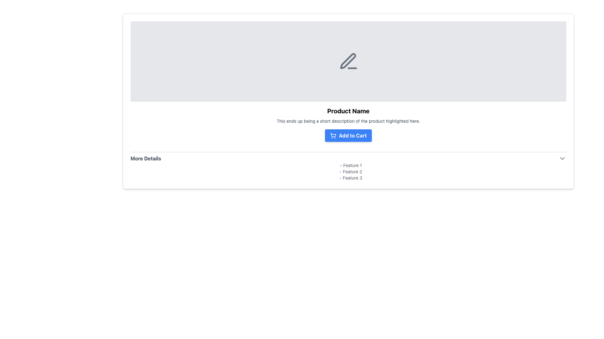 This screenshot has height=339, width=604. I want to click on the central decorative icon that signifies a writable or editable area, positioned above the 'Product Name' text, so click(348, 62).